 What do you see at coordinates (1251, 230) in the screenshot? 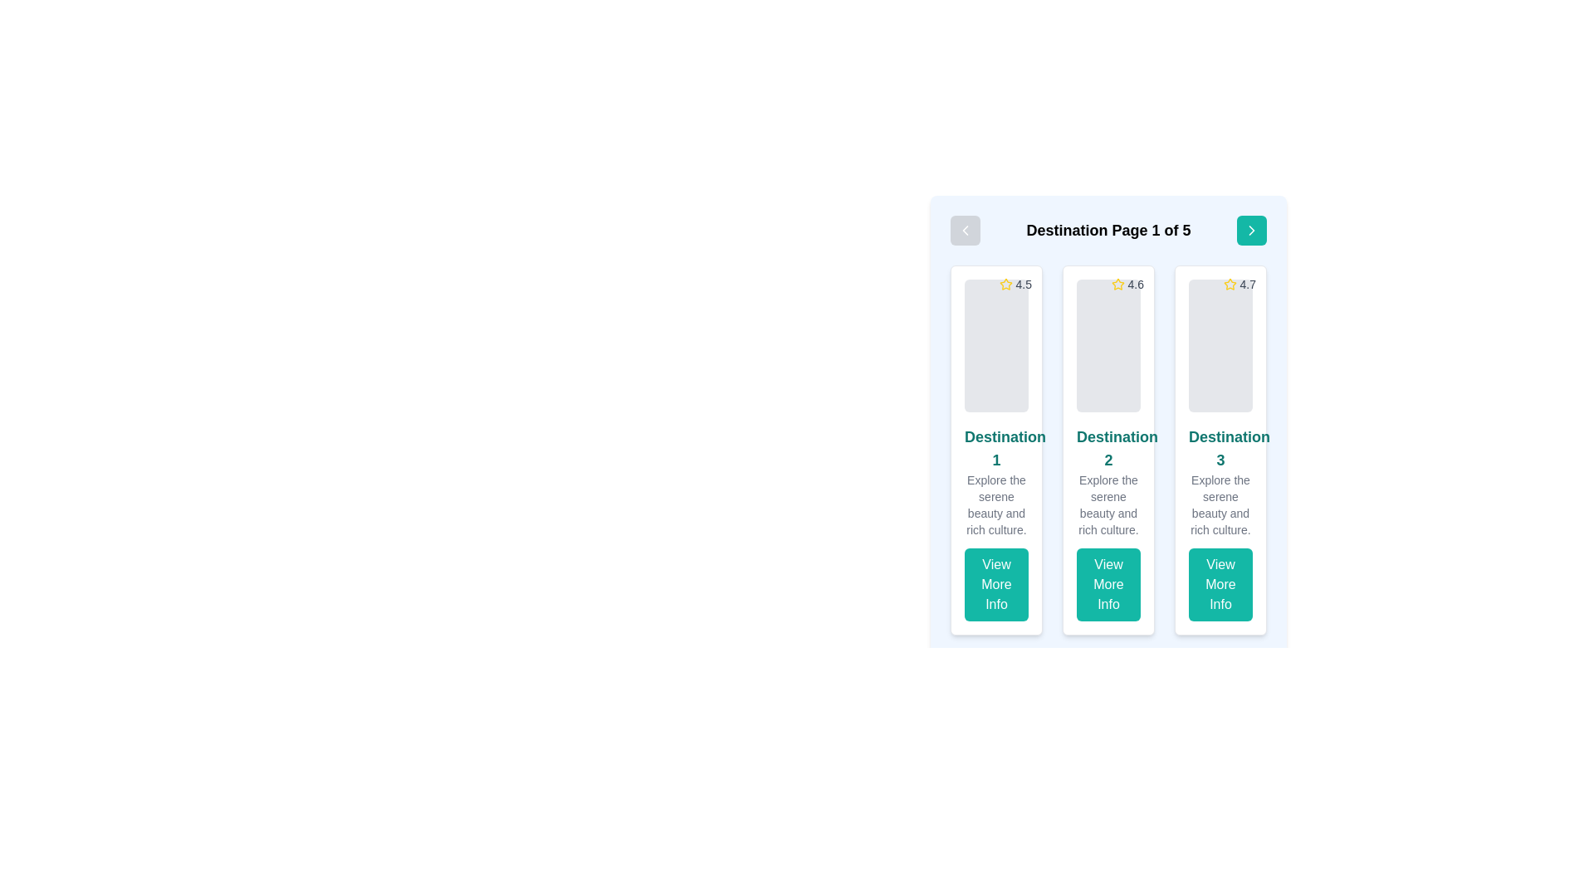
I see `the chevron icon in the top-right corner of the interface` at bounding box center [1251, 230].